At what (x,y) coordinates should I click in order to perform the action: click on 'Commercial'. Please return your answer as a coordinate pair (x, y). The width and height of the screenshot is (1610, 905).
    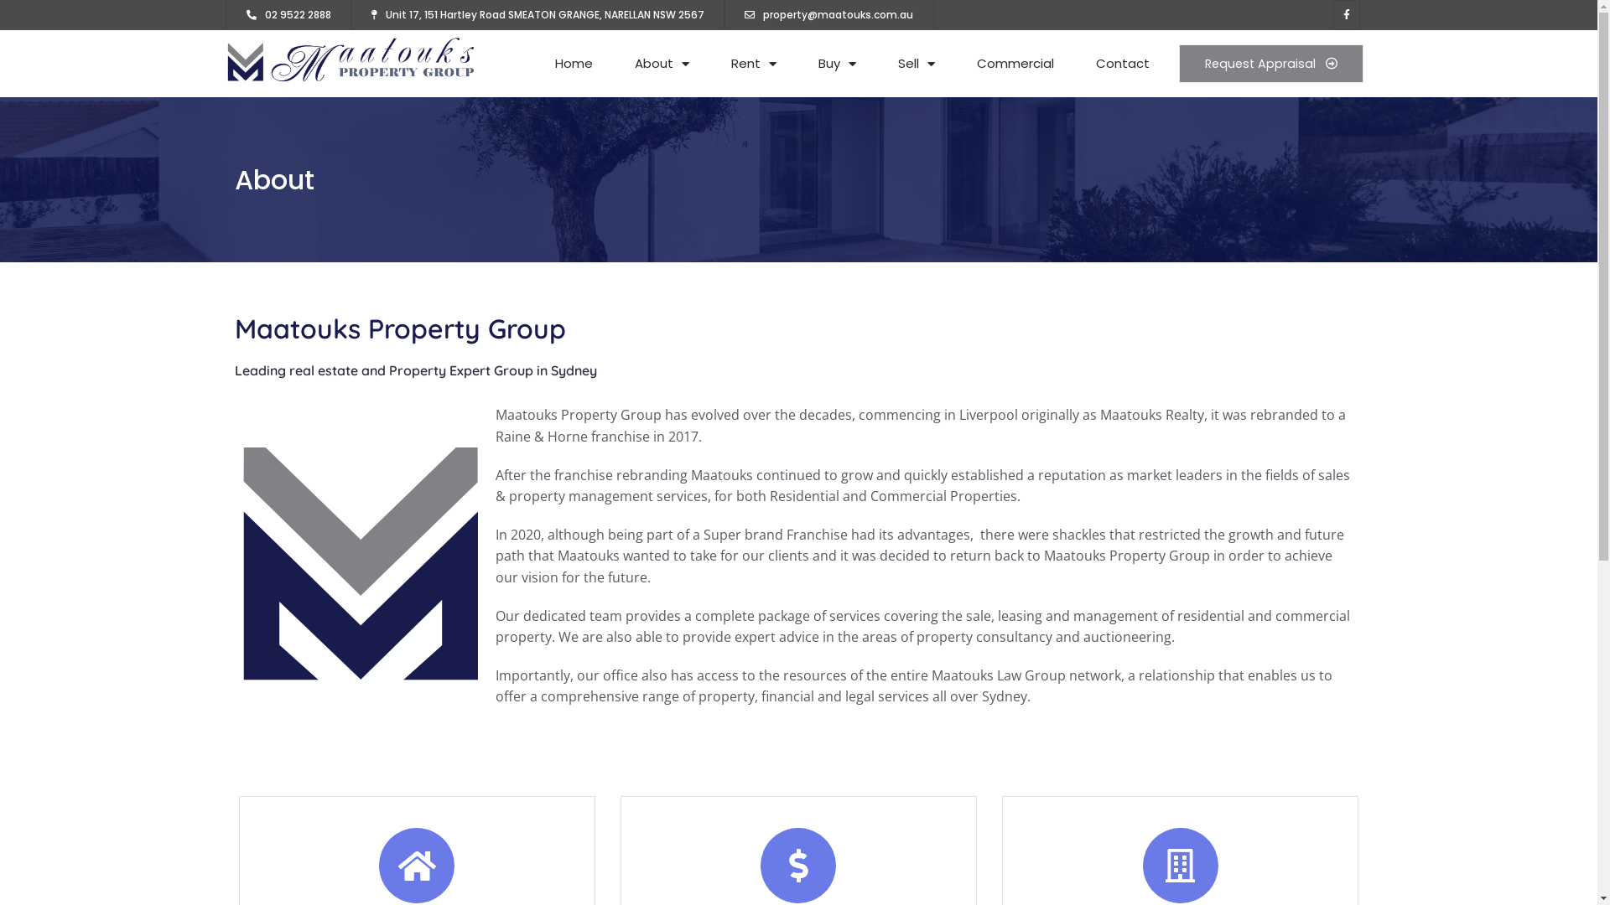
    Looking at the image, I should click on (1014, 63).